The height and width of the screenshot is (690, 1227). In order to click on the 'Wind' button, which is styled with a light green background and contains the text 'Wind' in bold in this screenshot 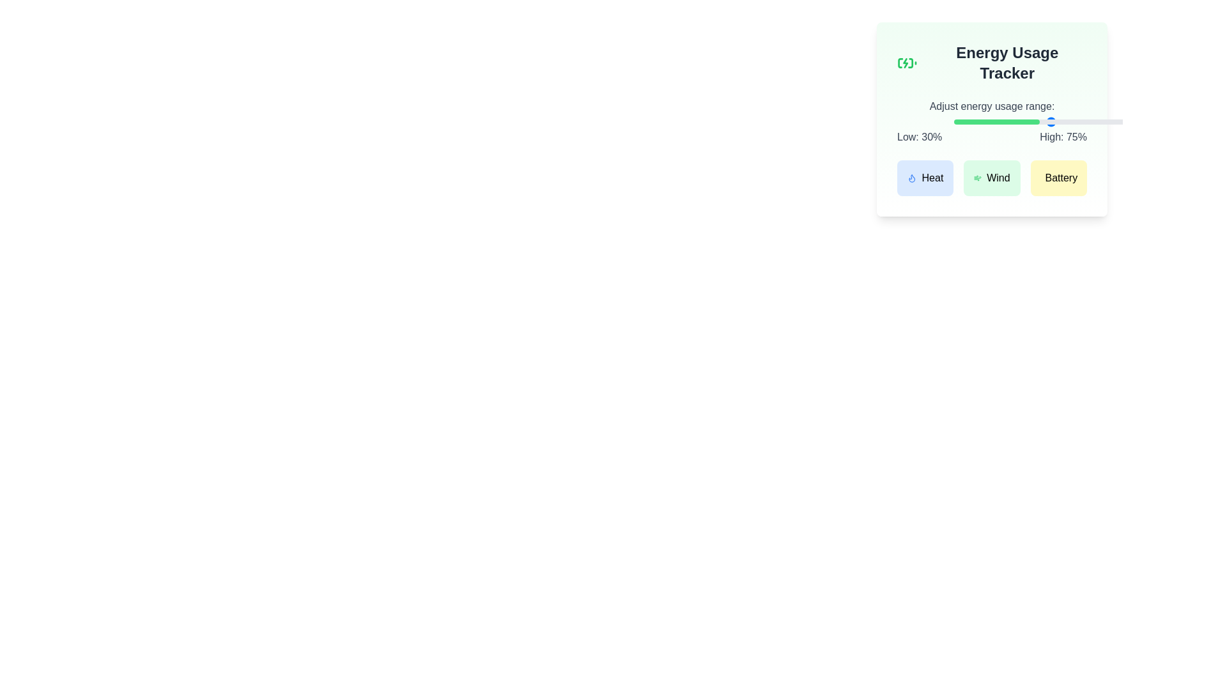, I will do `click(998, 178)`.